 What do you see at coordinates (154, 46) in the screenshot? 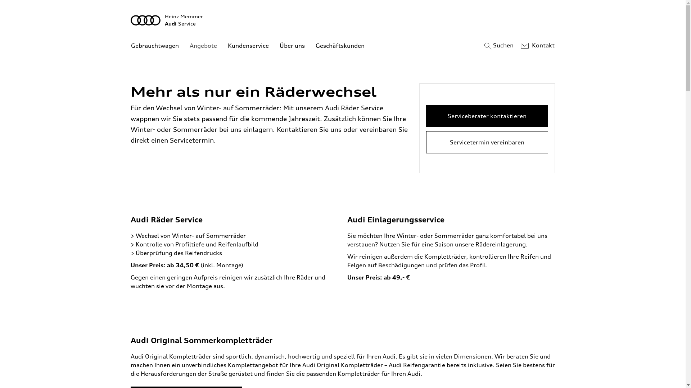
I see `'Gebrauchtwagen'` at bounding box center [154, 46].